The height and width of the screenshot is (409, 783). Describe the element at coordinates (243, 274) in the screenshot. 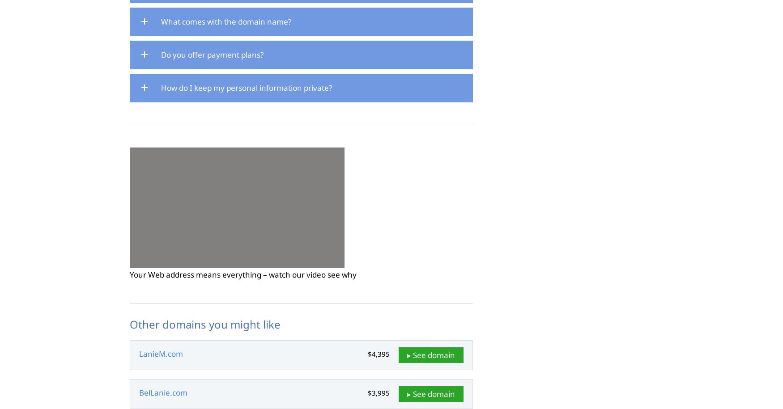

I see `'Your Web address means everything – watch our video see why'` at that location.